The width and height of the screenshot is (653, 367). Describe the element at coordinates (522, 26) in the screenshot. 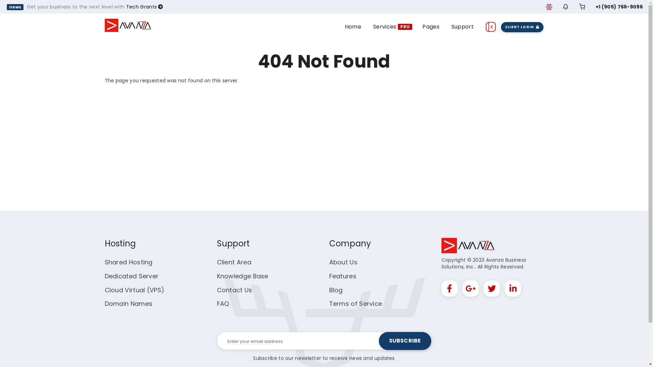

I see `'CLIENT LOGIN'` at that location.